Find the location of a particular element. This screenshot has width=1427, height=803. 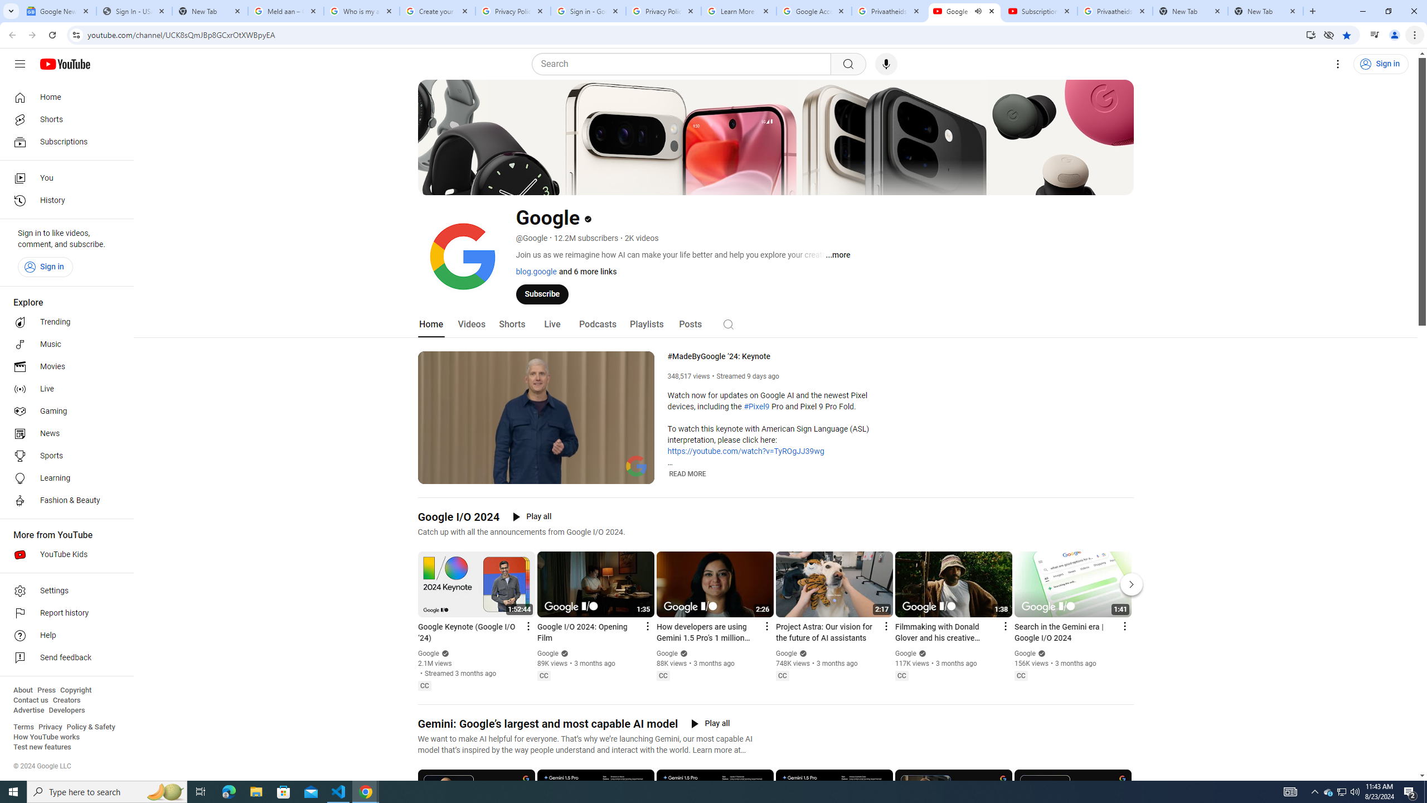

'Create your Google Account' is located at coordinates (437, 11).